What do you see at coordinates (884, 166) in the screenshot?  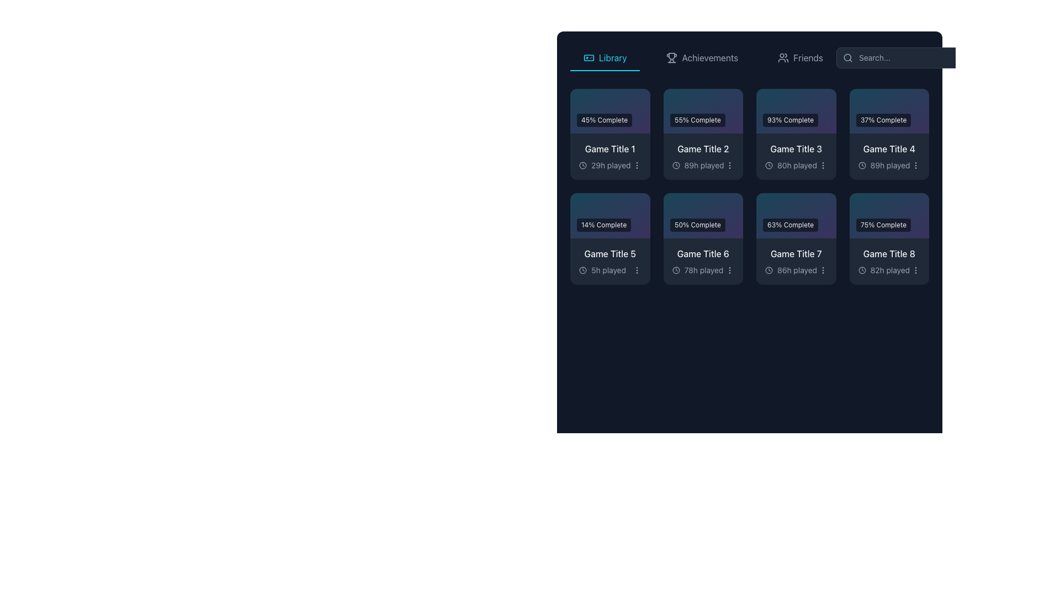 I see `displayed time '89h played' in light gray color on a dark background, located at the bottom-left corner of the 'Game Title 4' card, directly to the right of the clock icon` at bounding box center [884, 166].